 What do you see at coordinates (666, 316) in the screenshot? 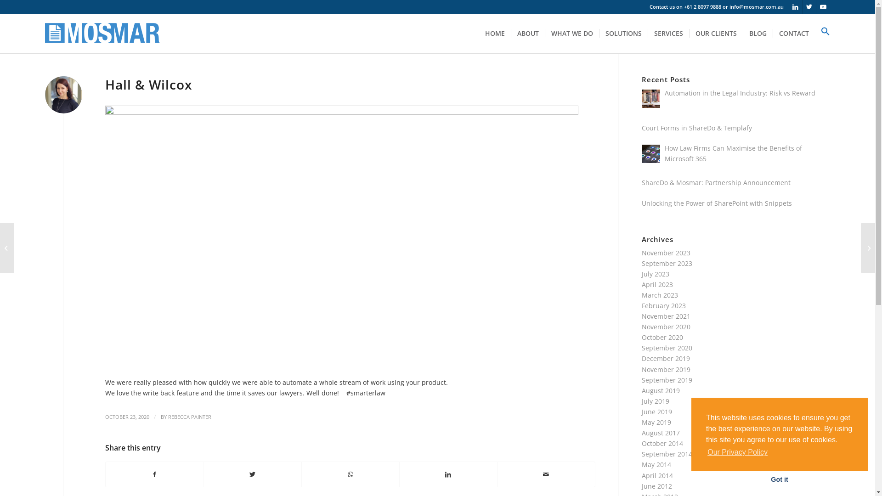
I see `'November 2021'` at bounding box center [666, 316].